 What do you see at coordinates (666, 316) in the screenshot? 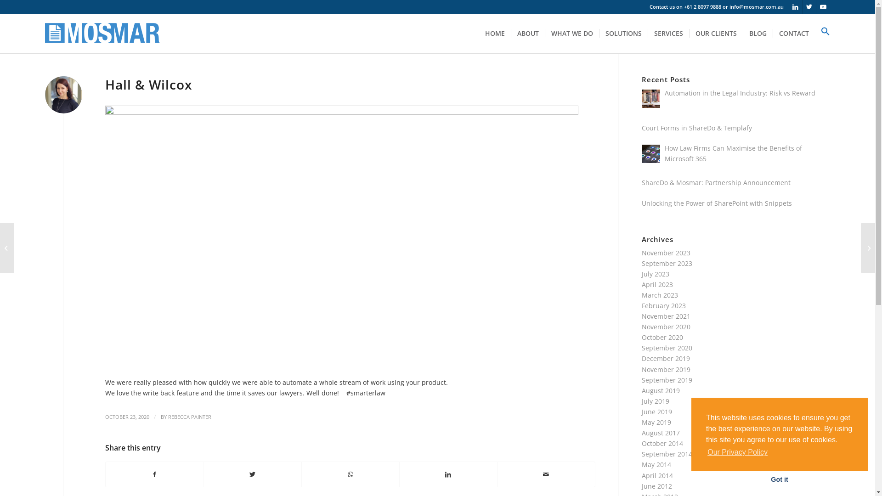
I see `'November 2021'` at bounding box center [666, 316].